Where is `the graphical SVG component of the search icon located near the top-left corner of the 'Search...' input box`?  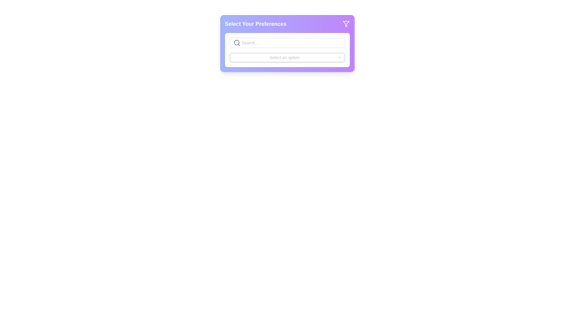 the graphical SVG component of the search icon located near the top-left corner of the 'Search...' input box is located at coordinates (236, 42).